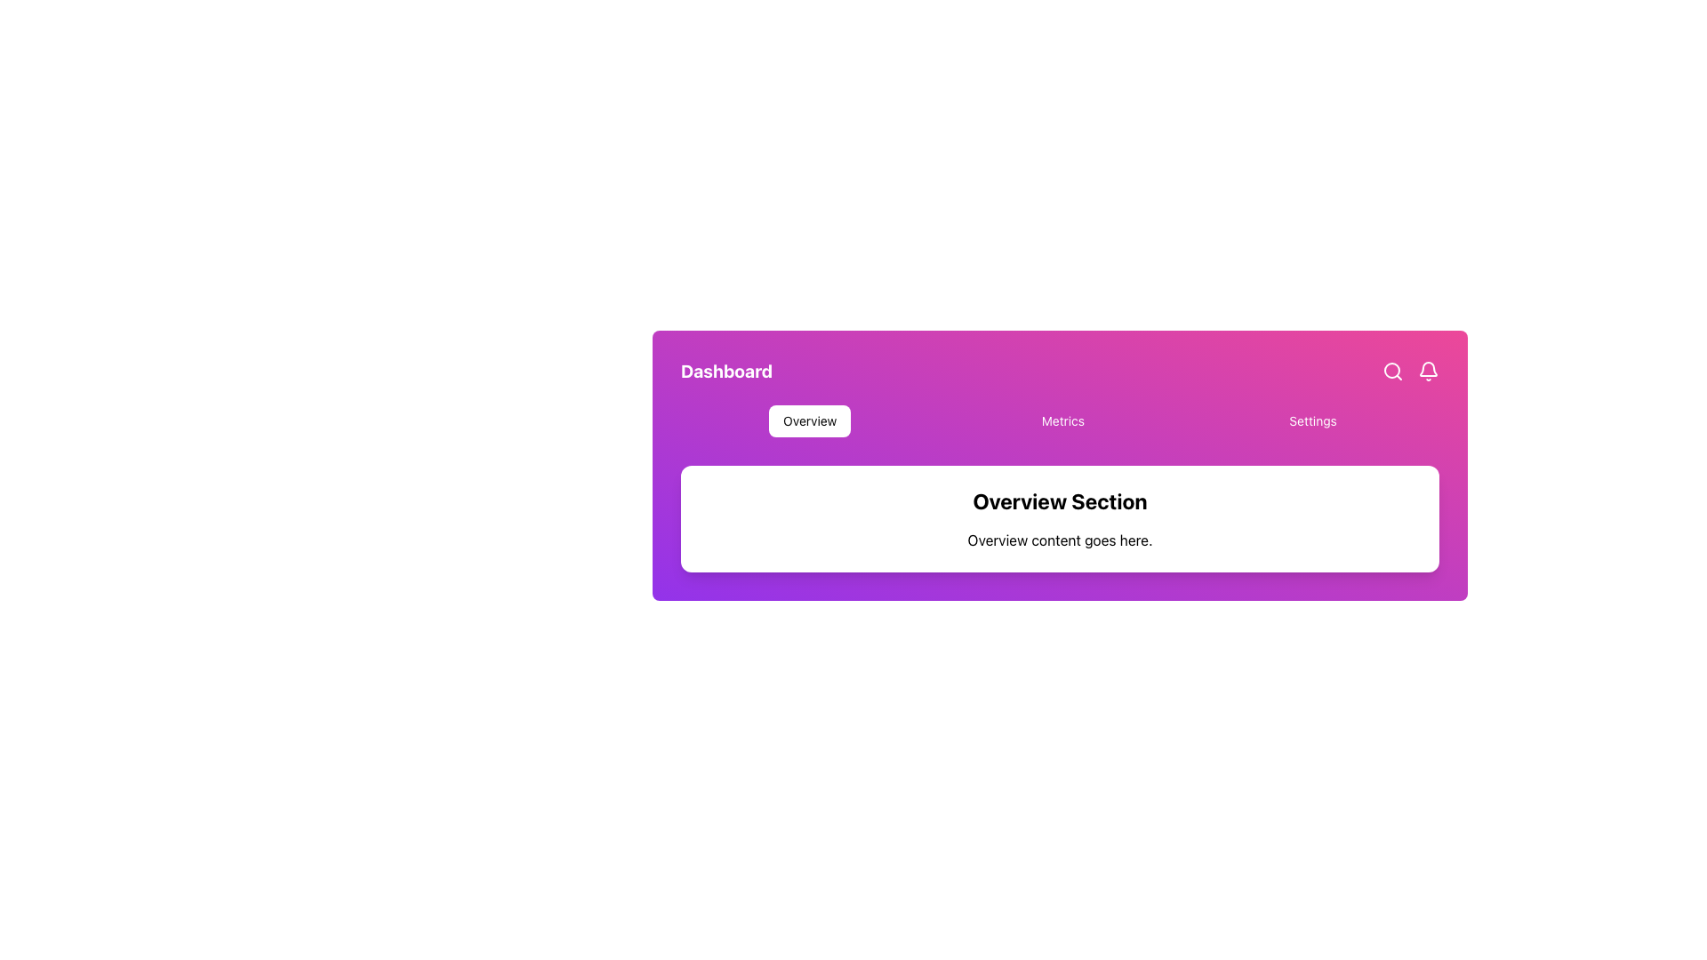 This screenshot has width=1707, height=960. Describe the element at coordinates (1391, 370) in the screenshot. I see `the search icon button located on the right-hand side of the navigation bar` at that location.